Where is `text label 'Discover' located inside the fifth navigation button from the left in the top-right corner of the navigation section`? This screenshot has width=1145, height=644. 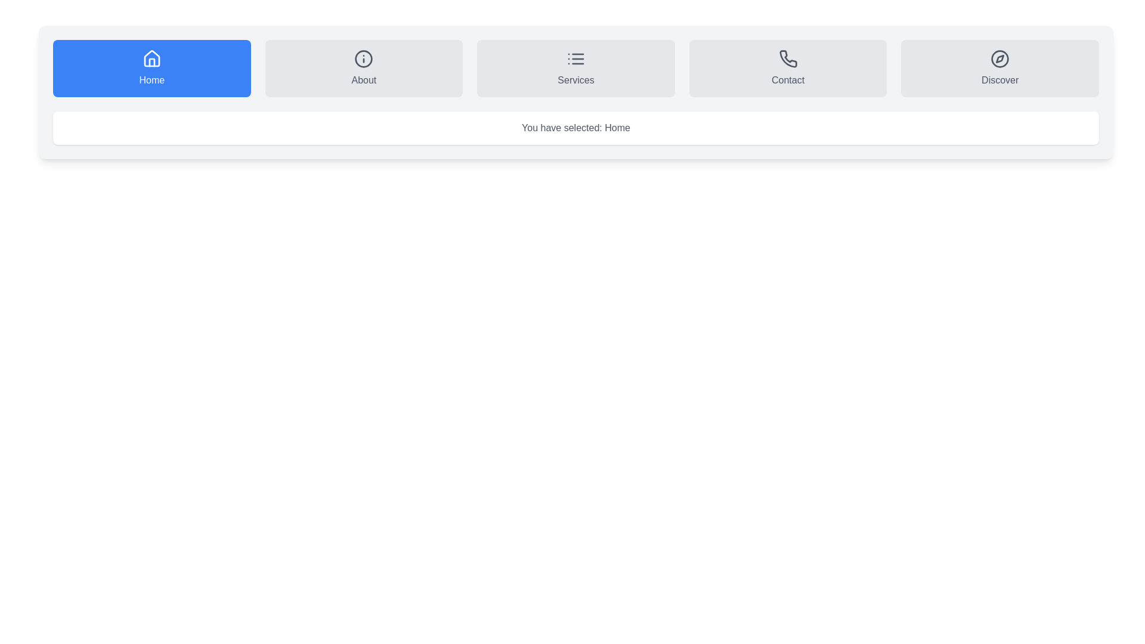
text label 'Discover' located inside the fifth navigation button from the left in the top-right corner of the navigation section is located at coordinates (1000, 80).